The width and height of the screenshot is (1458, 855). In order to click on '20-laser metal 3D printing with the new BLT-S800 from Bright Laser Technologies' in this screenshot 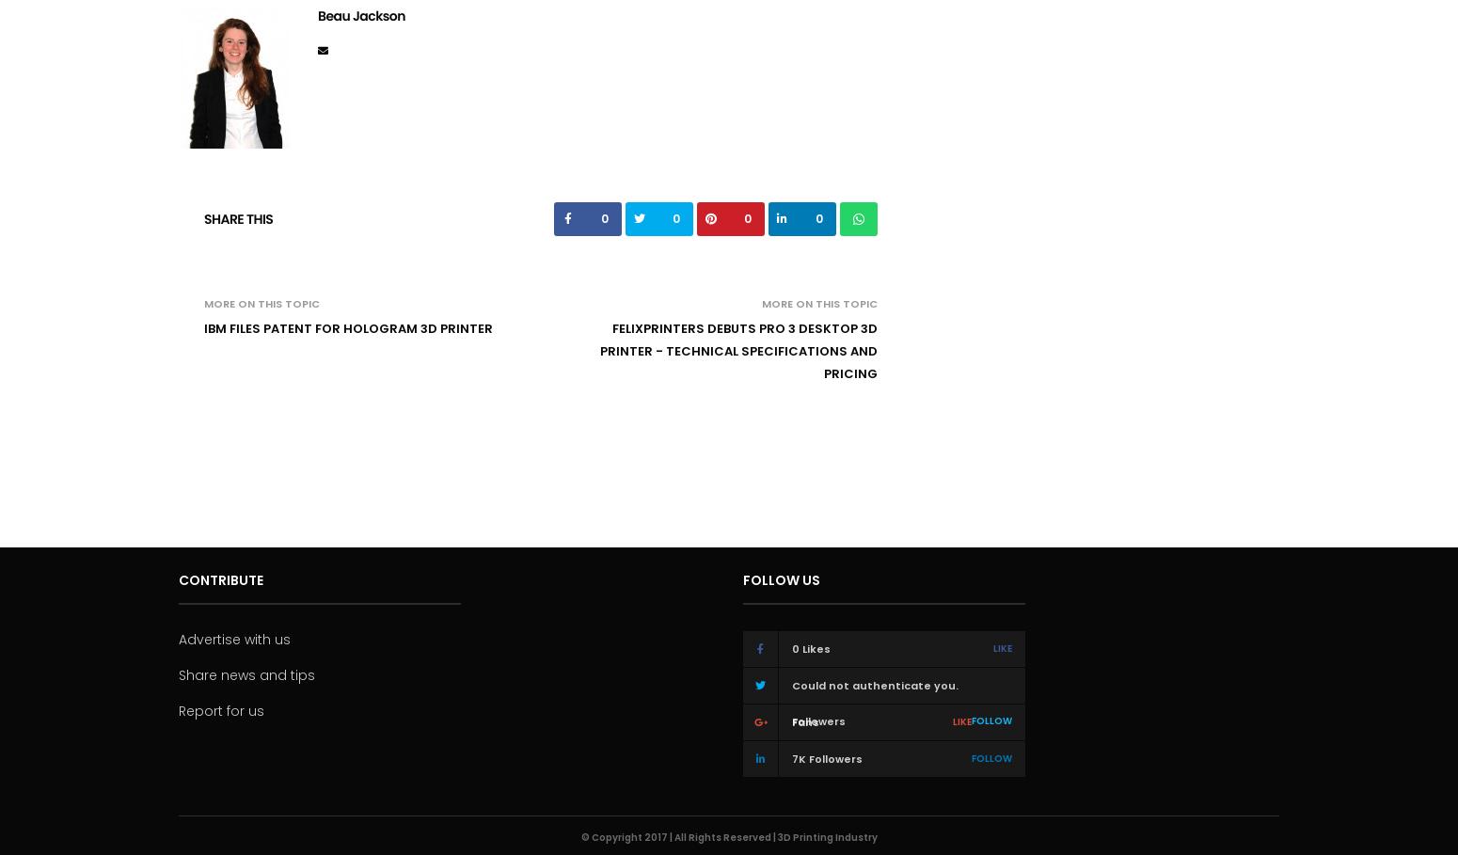, I will do `click(1100, 208)`.